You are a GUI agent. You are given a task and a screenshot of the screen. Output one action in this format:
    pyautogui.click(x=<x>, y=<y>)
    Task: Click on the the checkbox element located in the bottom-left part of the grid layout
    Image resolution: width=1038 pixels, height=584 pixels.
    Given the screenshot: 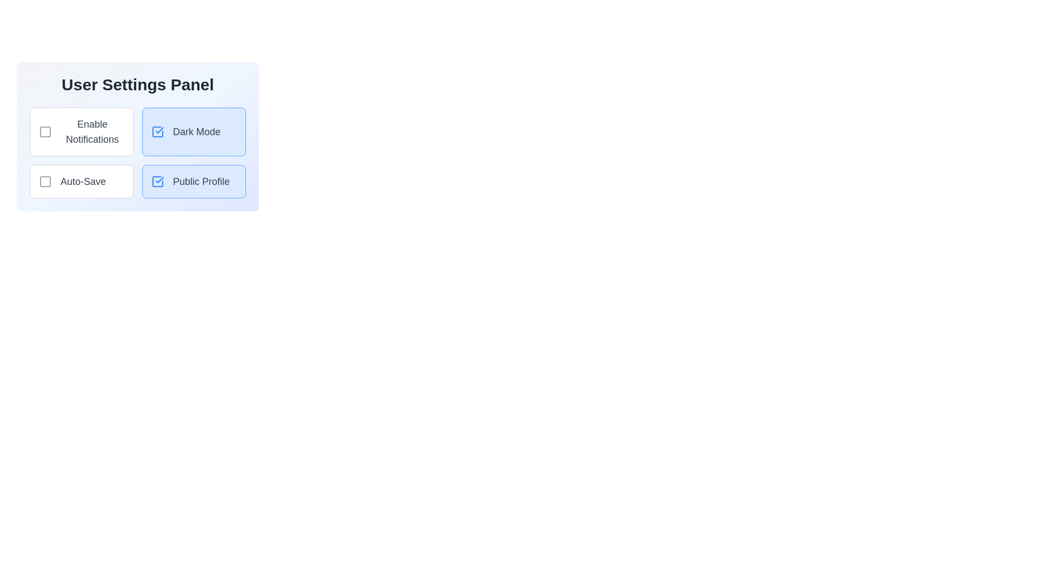 What is the action you would take?
    pyautogui.click(x=81, y=181)
    